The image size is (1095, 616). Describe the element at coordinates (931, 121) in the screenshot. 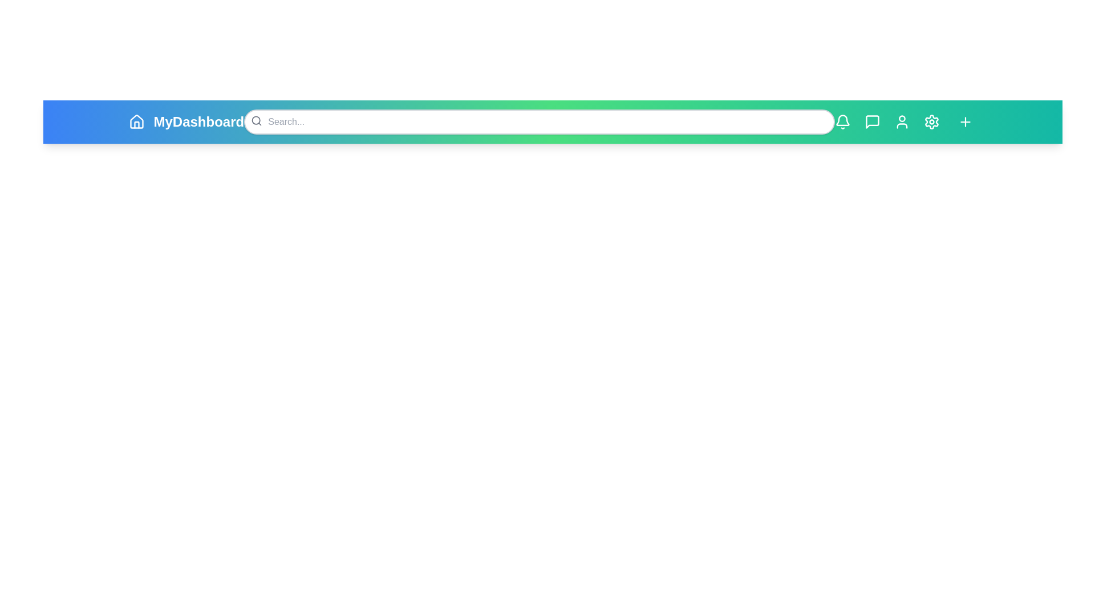

I see `the icon with Settings to view its hover effect` at that location.